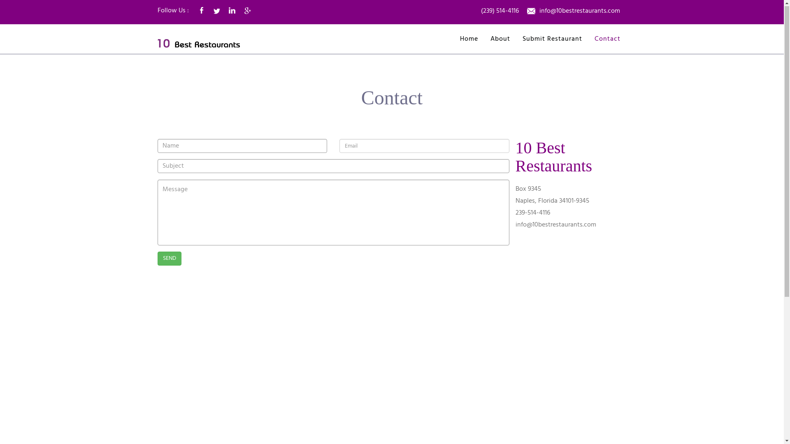 Image resolution: width=790 pixels, height=444 pixels. I want to click on 'info@10bestrestaurants.com', so click(555, 225).